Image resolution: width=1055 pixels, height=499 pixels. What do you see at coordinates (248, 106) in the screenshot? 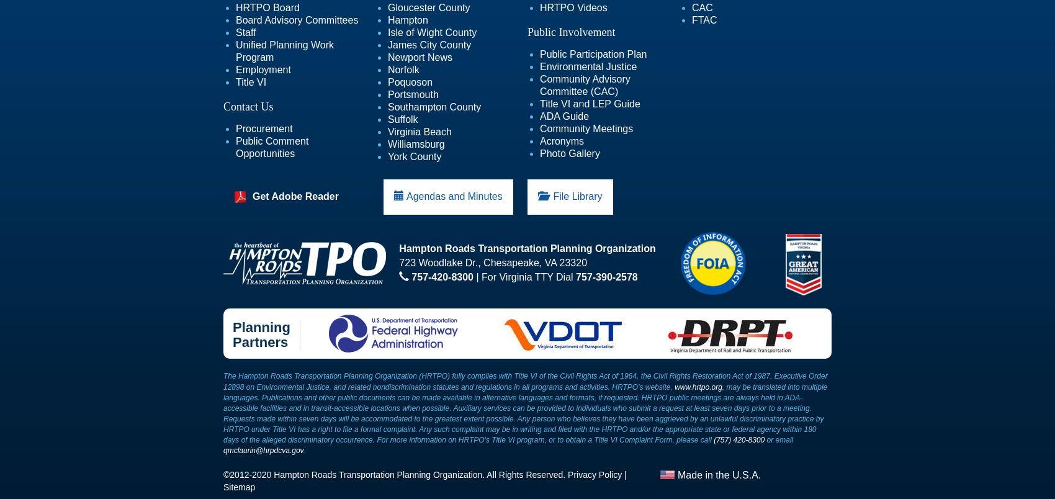
I see `'Contact Us'` at bounding box center [248, 106].